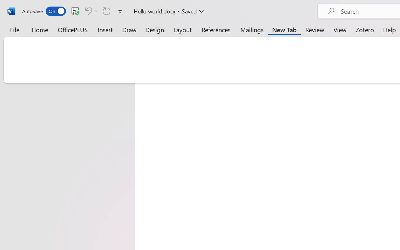  Describe the element at coordinates (75, 11) in the screenshot. I see `'Save'` at that location.